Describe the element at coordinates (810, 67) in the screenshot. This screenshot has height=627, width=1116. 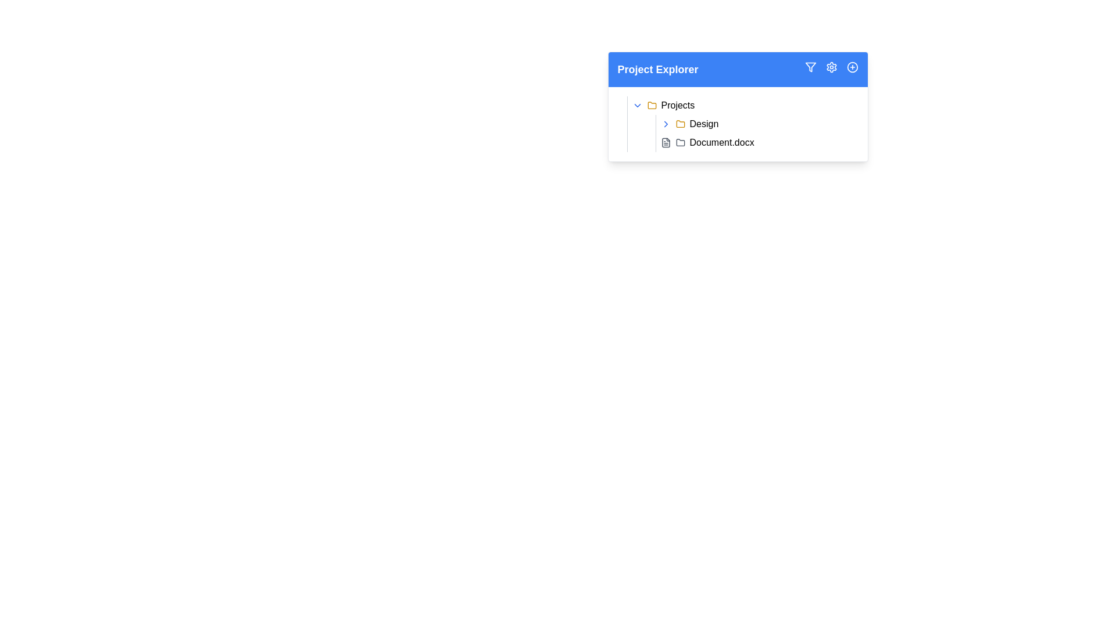
I see `the filter icon in the Project Explorer` at that location.